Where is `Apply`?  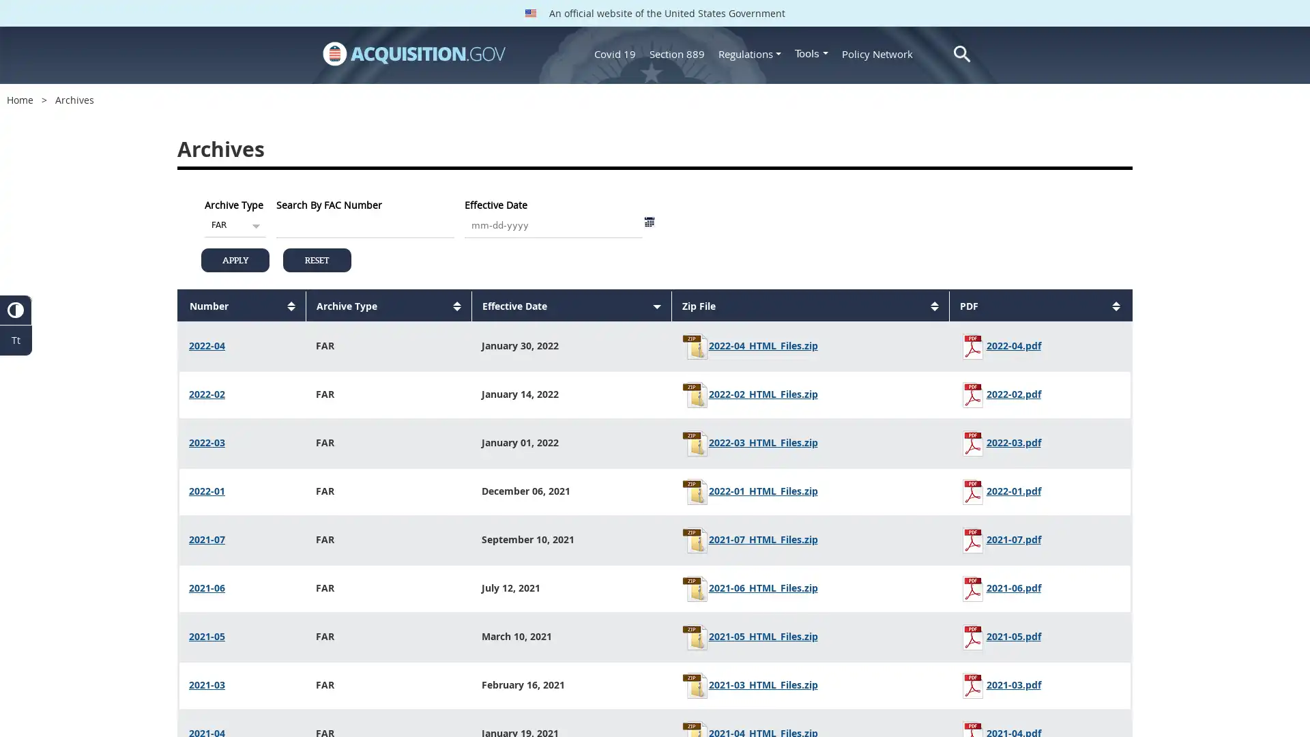 Apply is located at coordinates (235, 260).